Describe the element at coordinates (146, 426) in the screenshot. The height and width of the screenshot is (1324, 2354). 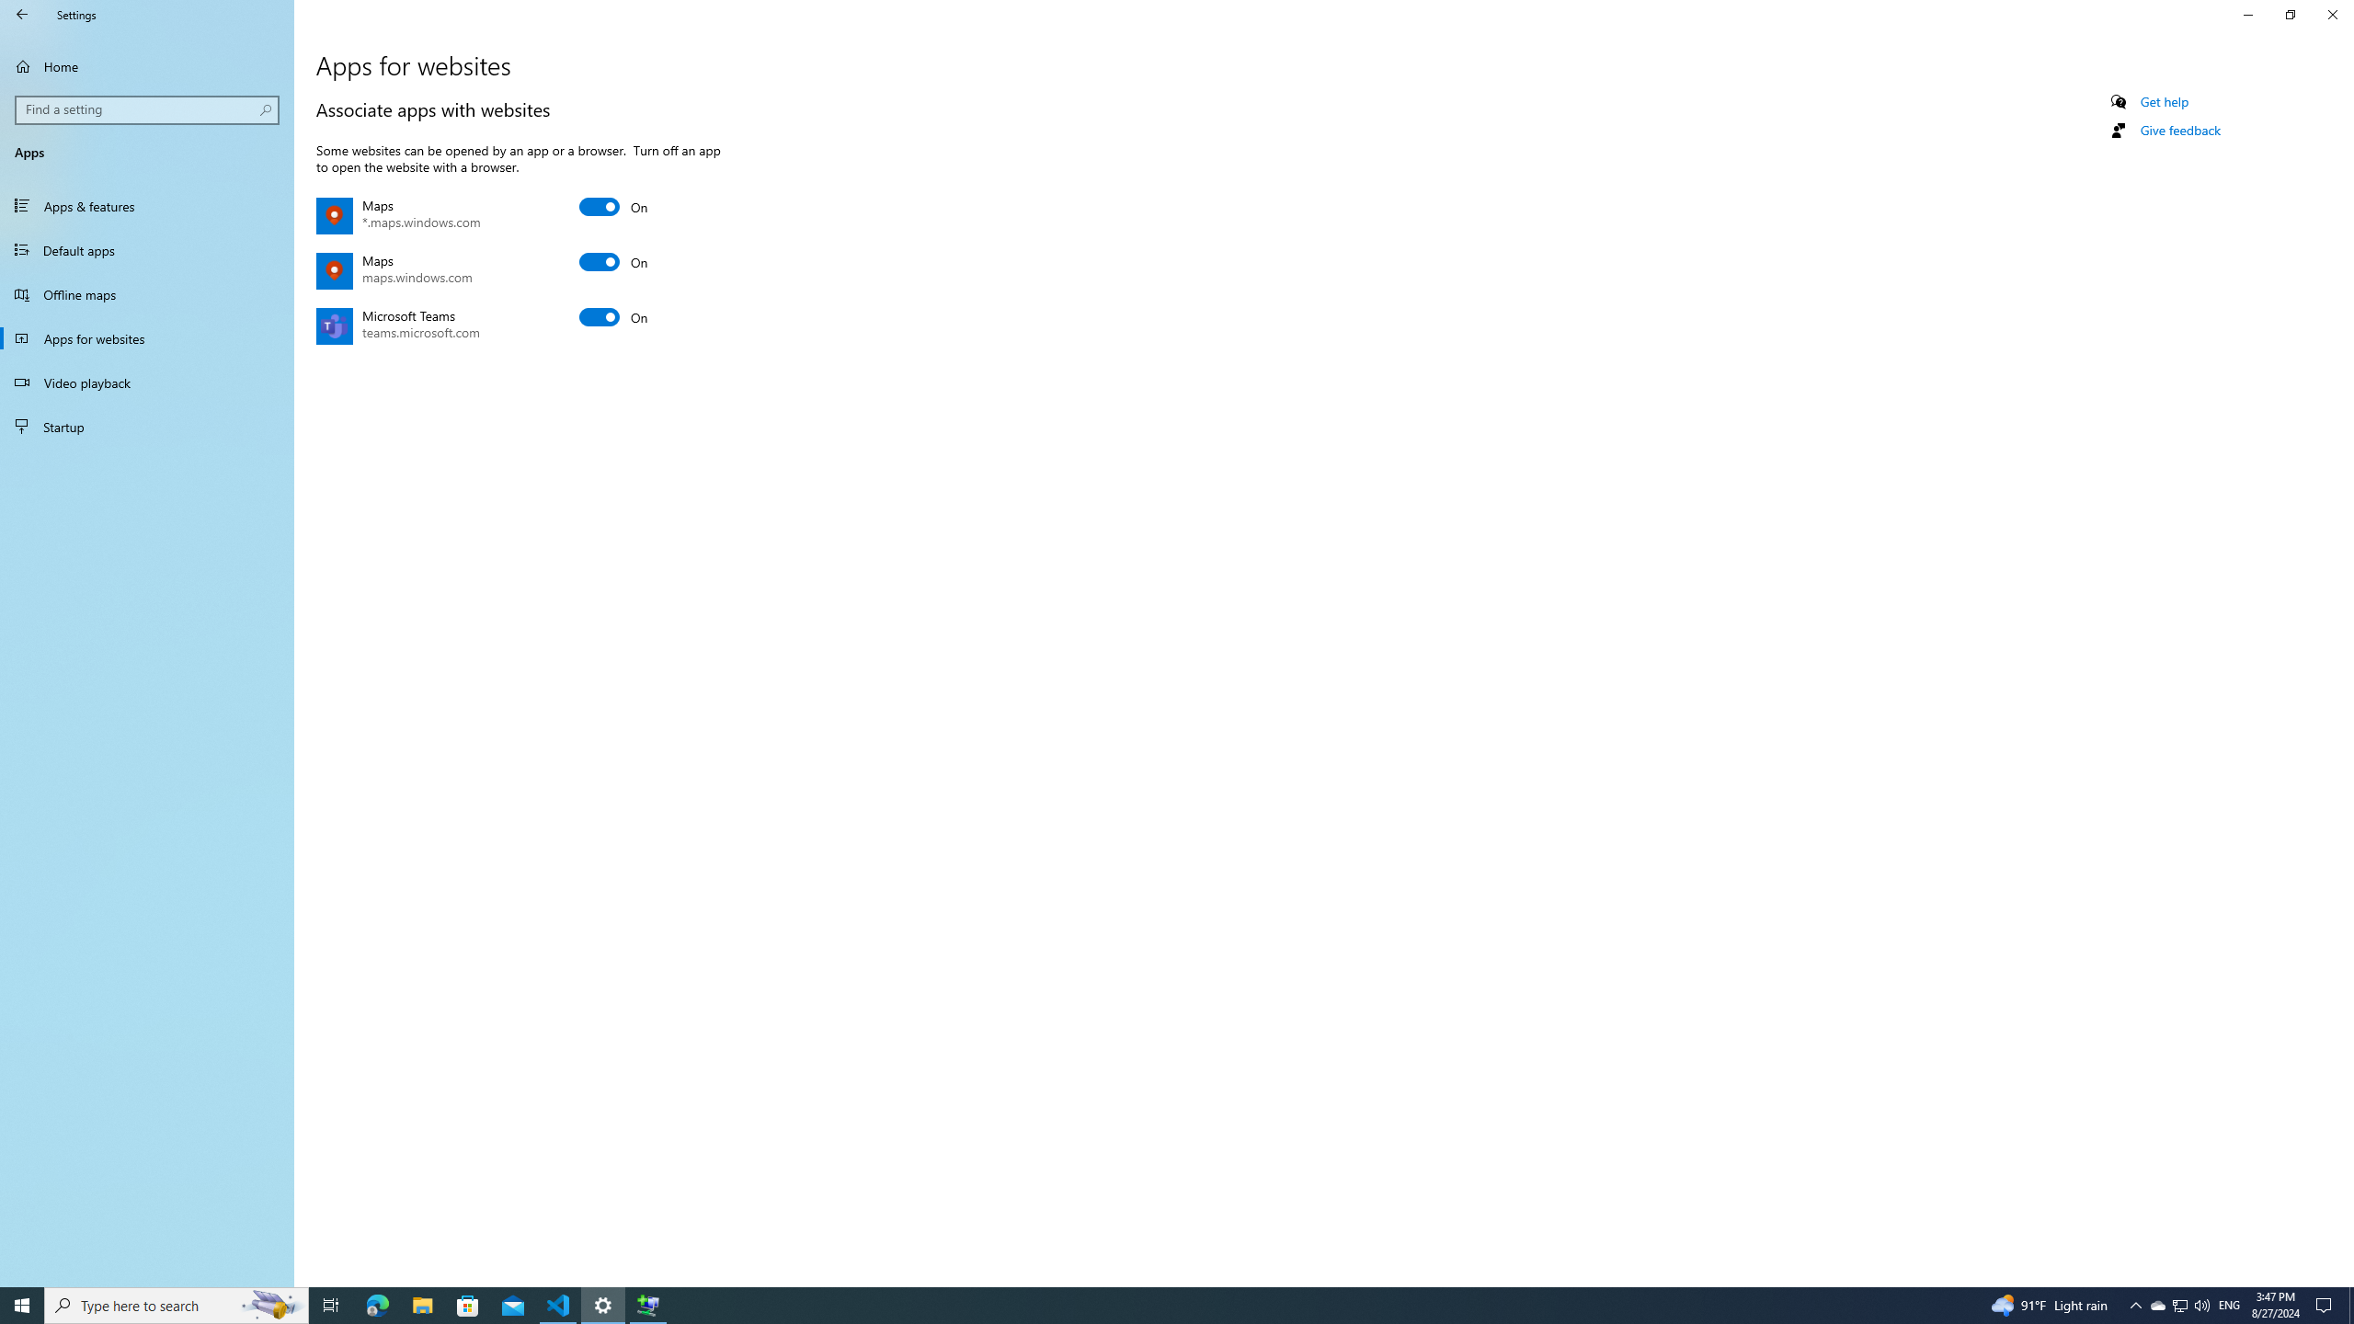
I see `'Startup'` at that location.